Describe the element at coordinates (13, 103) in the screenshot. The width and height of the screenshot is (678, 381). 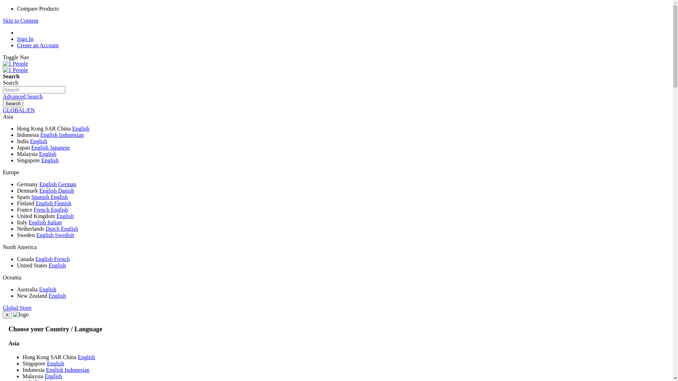
I see `'Search'` at that location.